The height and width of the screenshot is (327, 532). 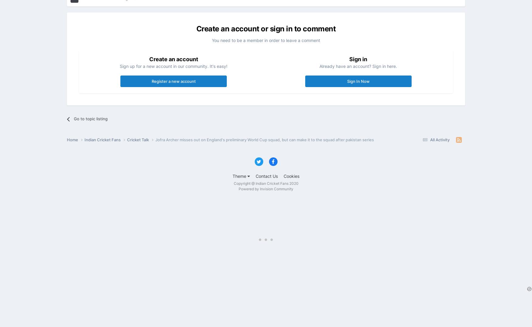 I want to click on 'Sign in', so click(x=358, y=59).